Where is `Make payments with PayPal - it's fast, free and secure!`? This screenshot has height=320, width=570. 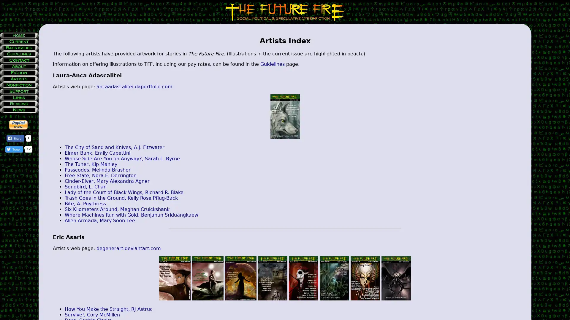
Make payments with PayPal - it's fast, free and secure! is located at coordinates (18, 124).